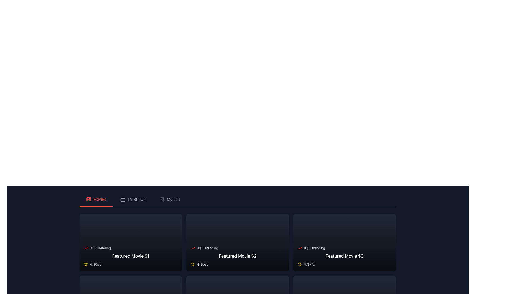 The height and width of the screenshot is (296, 527). I want to click on the Text Label that features the title or name of the movie, located below the subtitle '#$3 Trending' and above the rating section '4.$7/5', positioned in the center of the third tile in the horizontal sequence of movie tiles, so click(344, 256).